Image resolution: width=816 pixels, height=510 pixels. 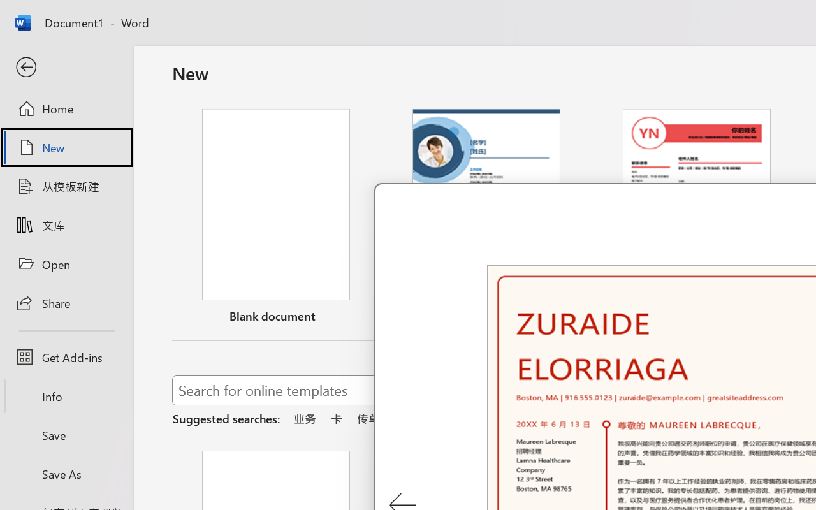 What do you see at coordinates (66, 147) in the screenshot?
I see `'New'` at bounding box center [66, 147].